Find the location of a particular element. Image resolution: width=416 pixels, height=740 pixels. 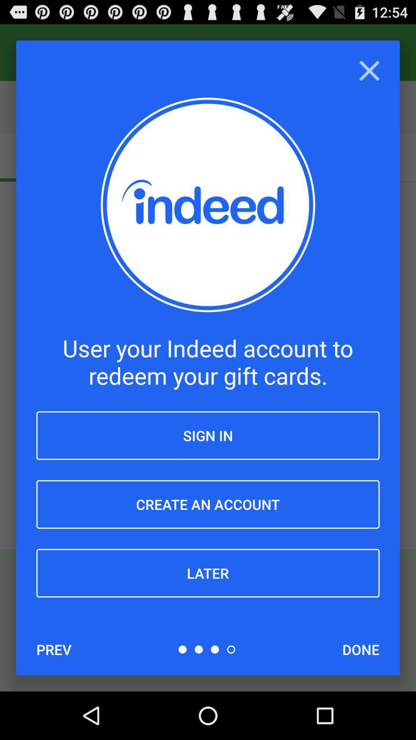

item above the create an account icon is located at coordinates (208, 436).